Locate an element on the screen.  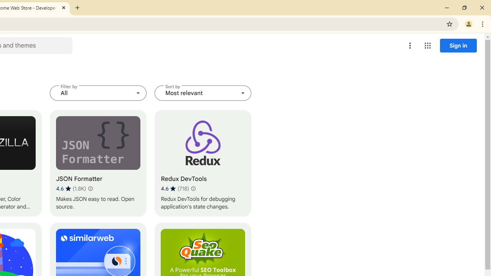
'Sort by Most relevant' is located at coordinates (203, 93).